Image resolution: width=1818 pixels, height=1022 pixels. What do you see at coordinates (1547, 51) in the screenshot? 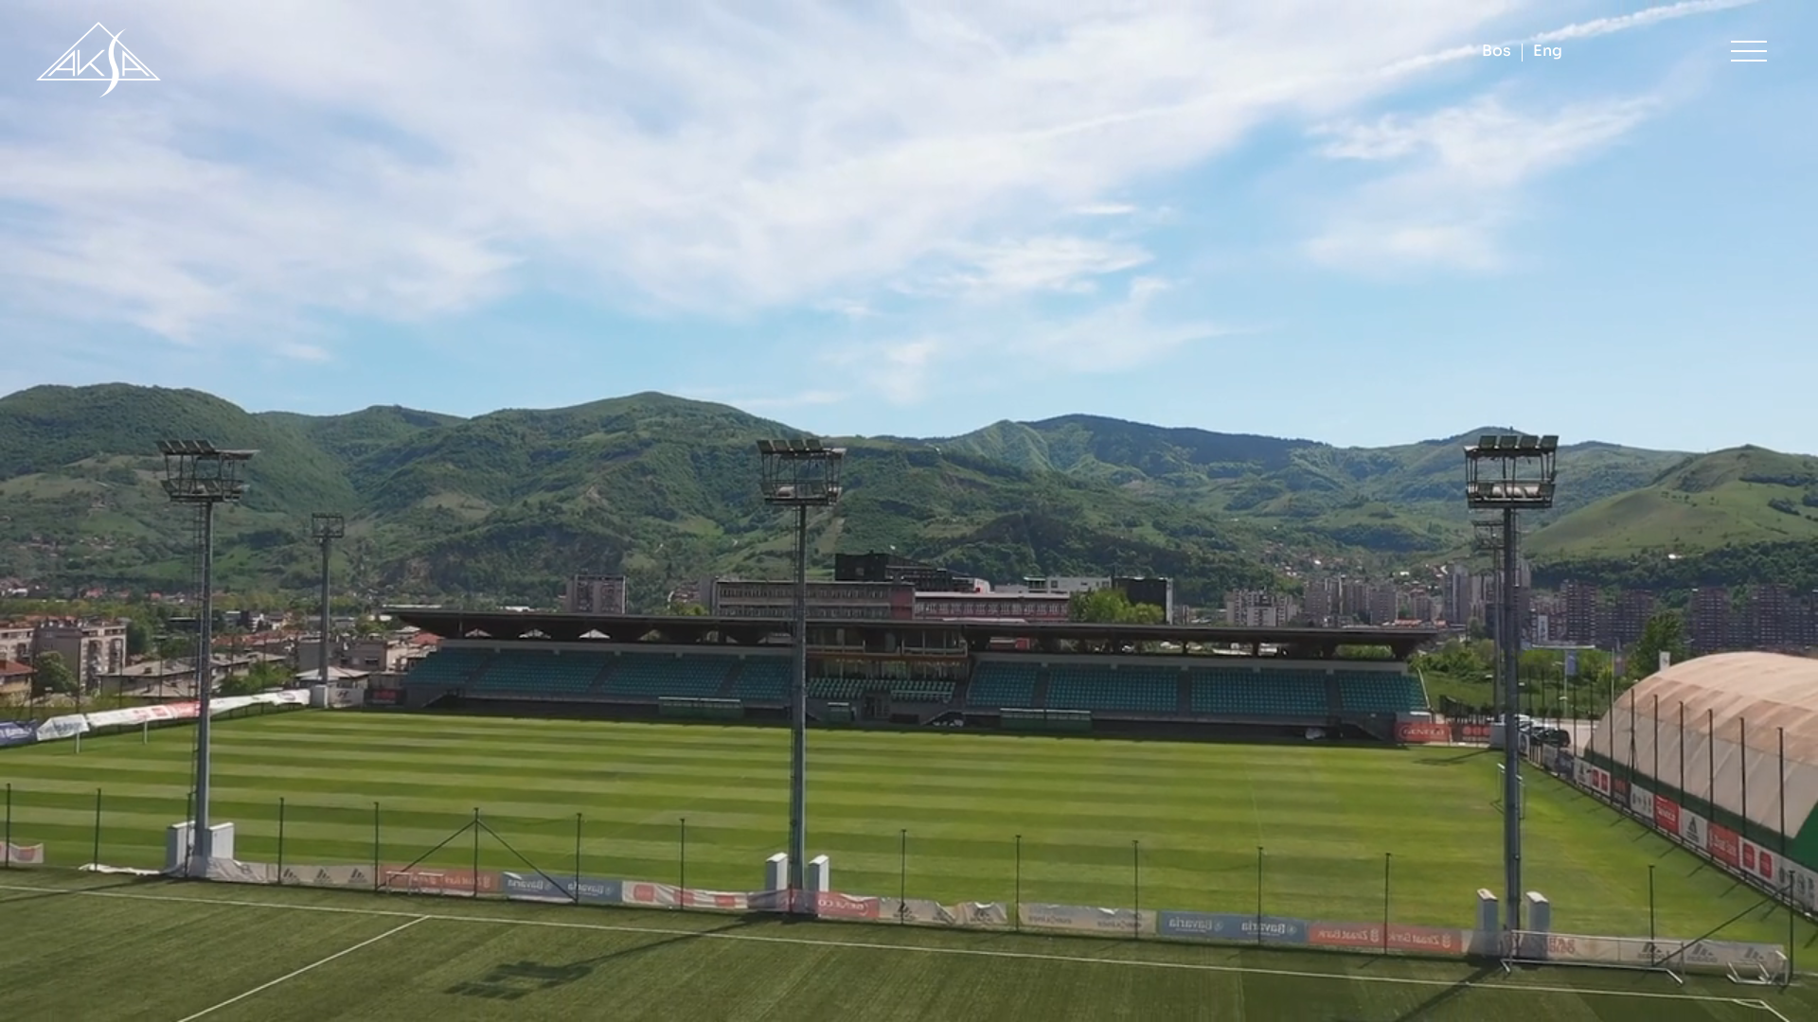
I see `'Eng'` at bounding box center [1547, 51].